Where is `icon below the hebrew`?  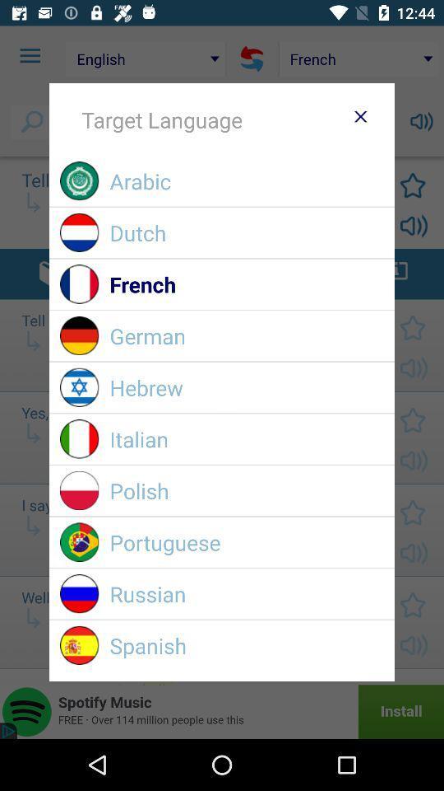
icon below the hebrew is located at coordinates (246, 438).